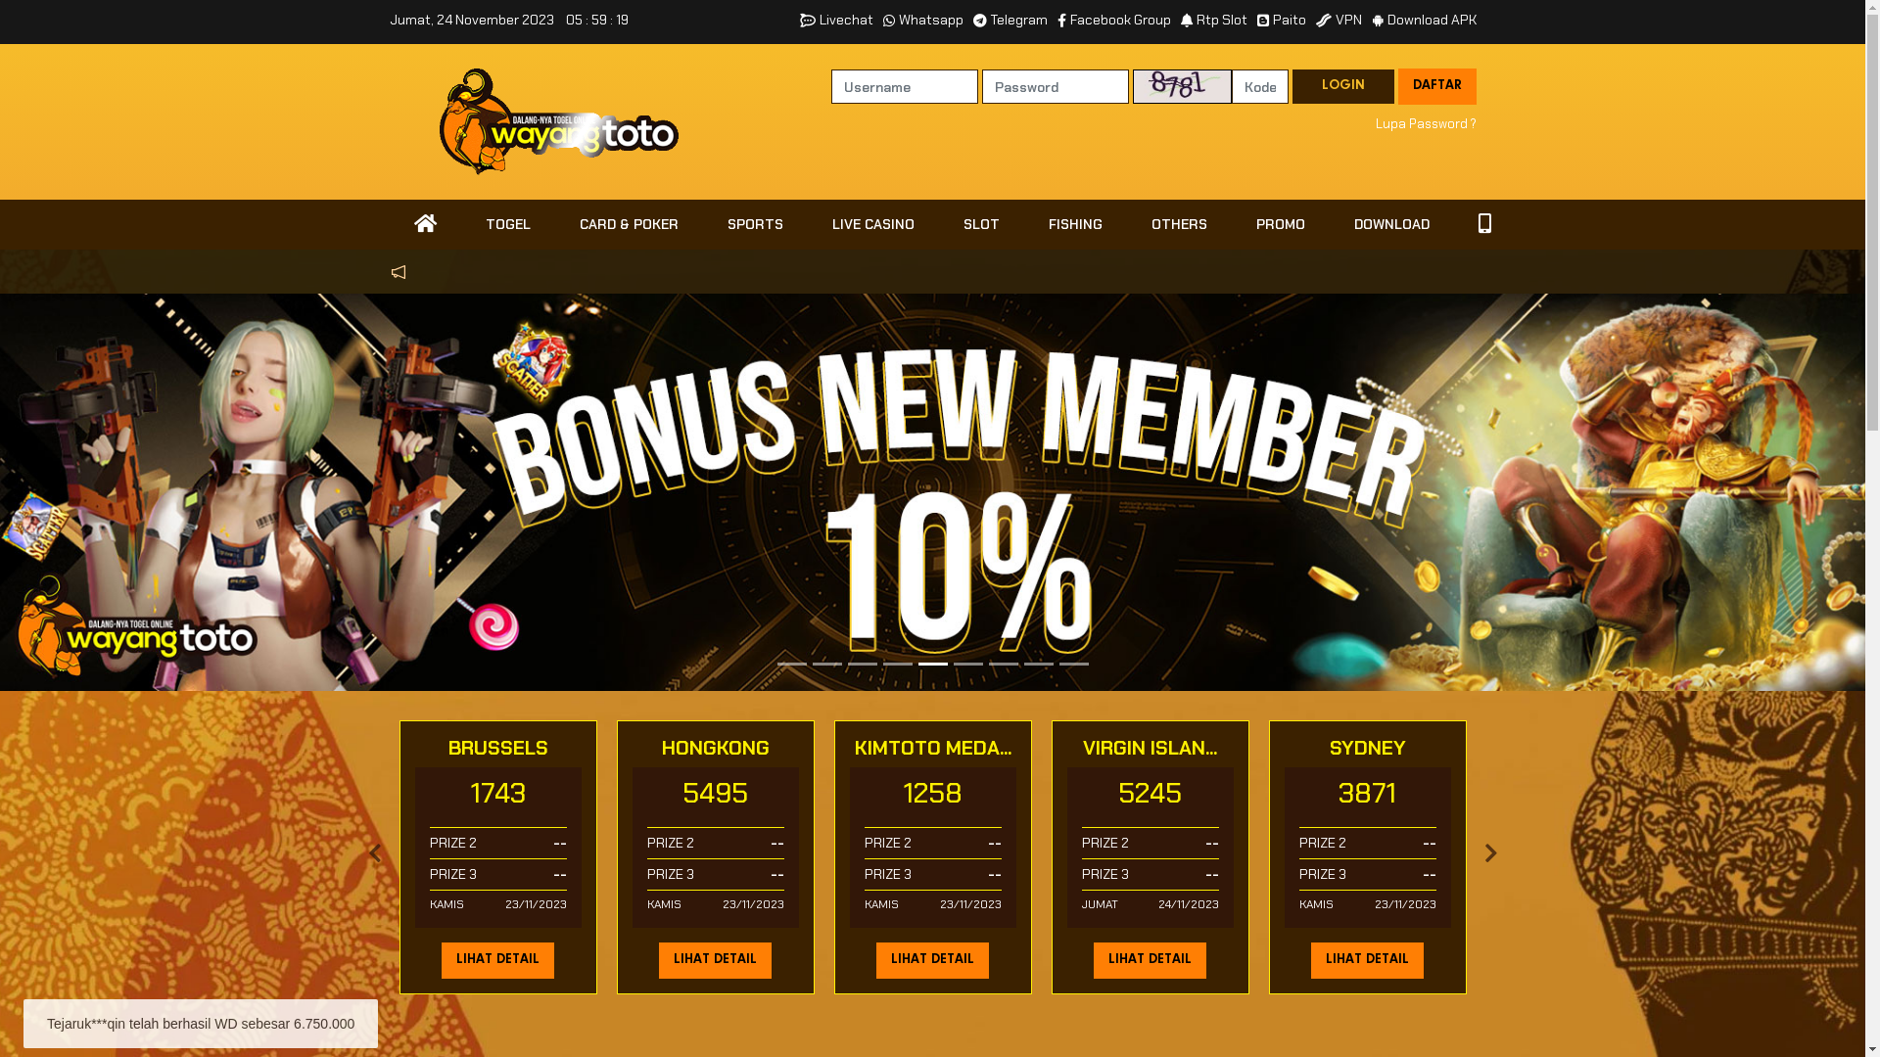  Describe the element at coordinates (459, 223) in the screenshot. I see `'TOGEL'` at that location.